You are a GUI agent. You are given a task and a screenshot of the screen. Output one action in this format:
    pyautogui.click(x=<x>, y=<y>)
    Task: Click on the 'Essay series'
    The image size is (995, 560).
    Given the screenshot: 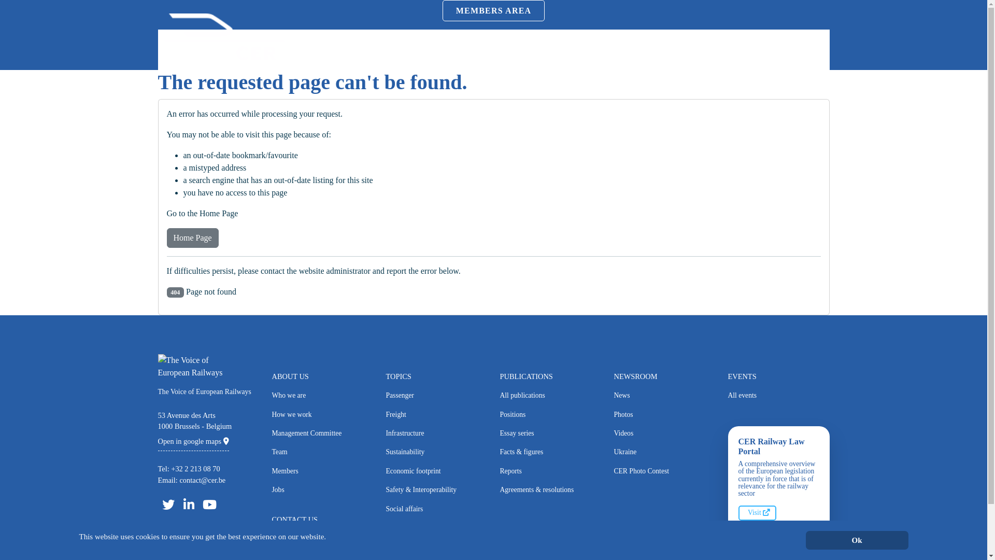 What is the action you would take?
    pyautogui.click(x=549, y=433)
    